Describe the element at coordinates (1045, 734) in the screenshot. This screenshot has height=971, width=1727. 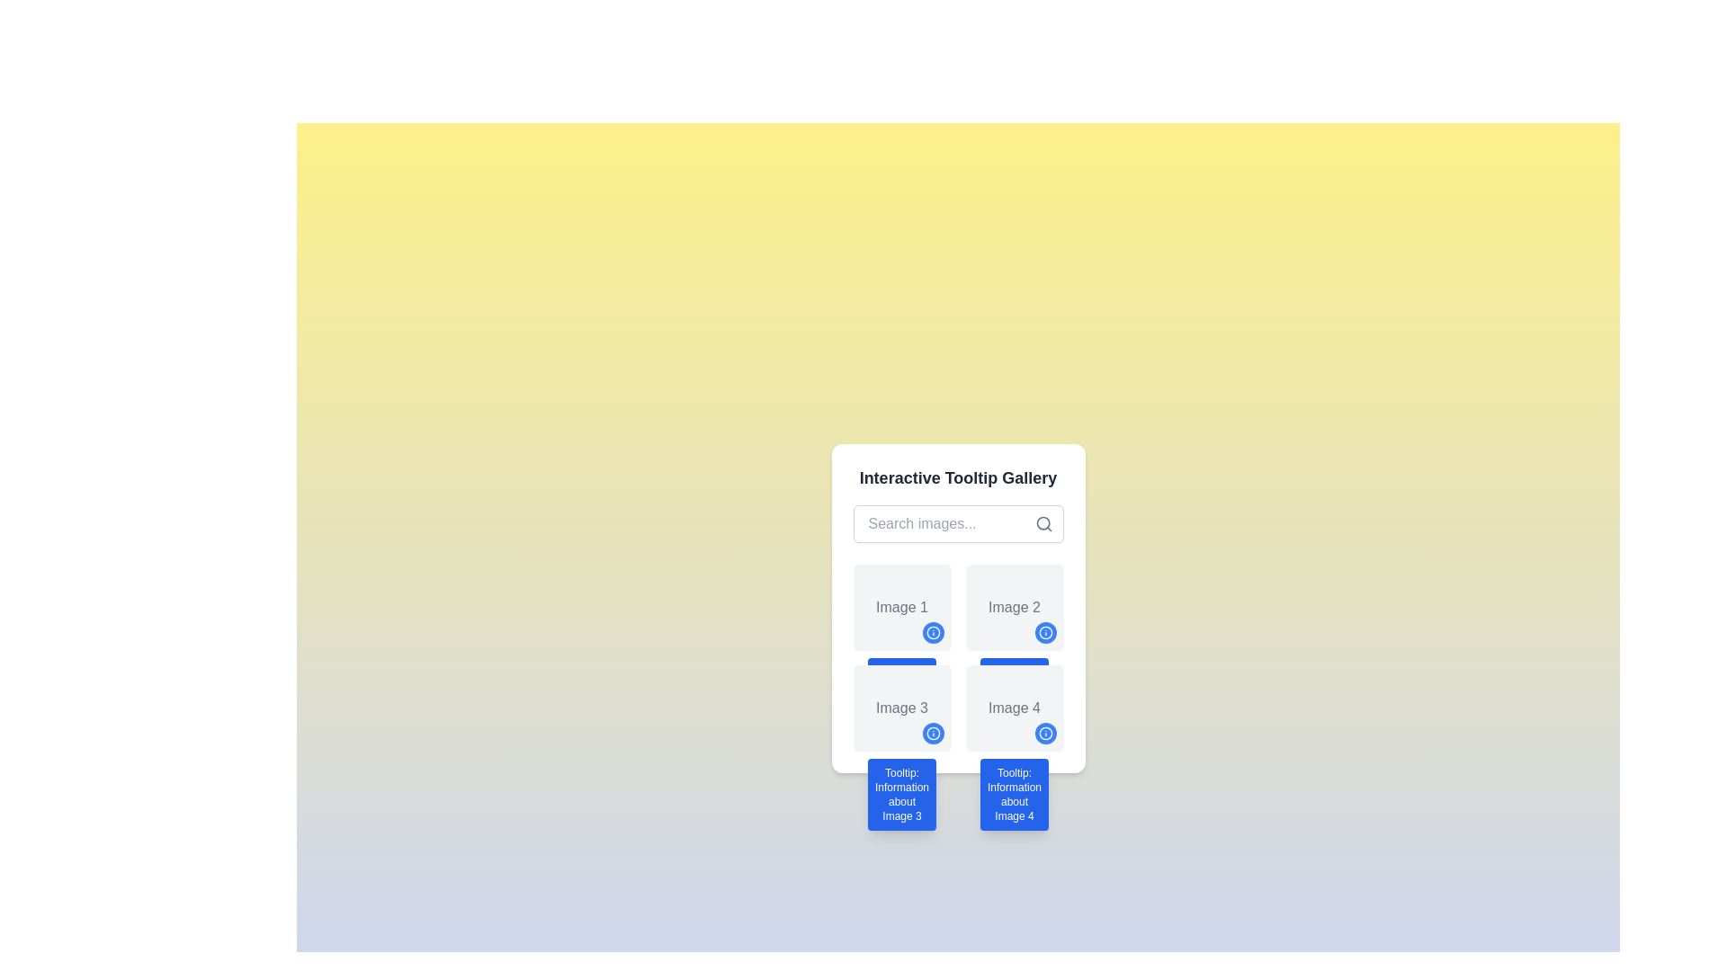
I see `the outermost circular boundary of the tooltip icon located at the bottom-right corner of 'Image 4' in the Interactive Tooltip Gallery grid for related actions` at that location.